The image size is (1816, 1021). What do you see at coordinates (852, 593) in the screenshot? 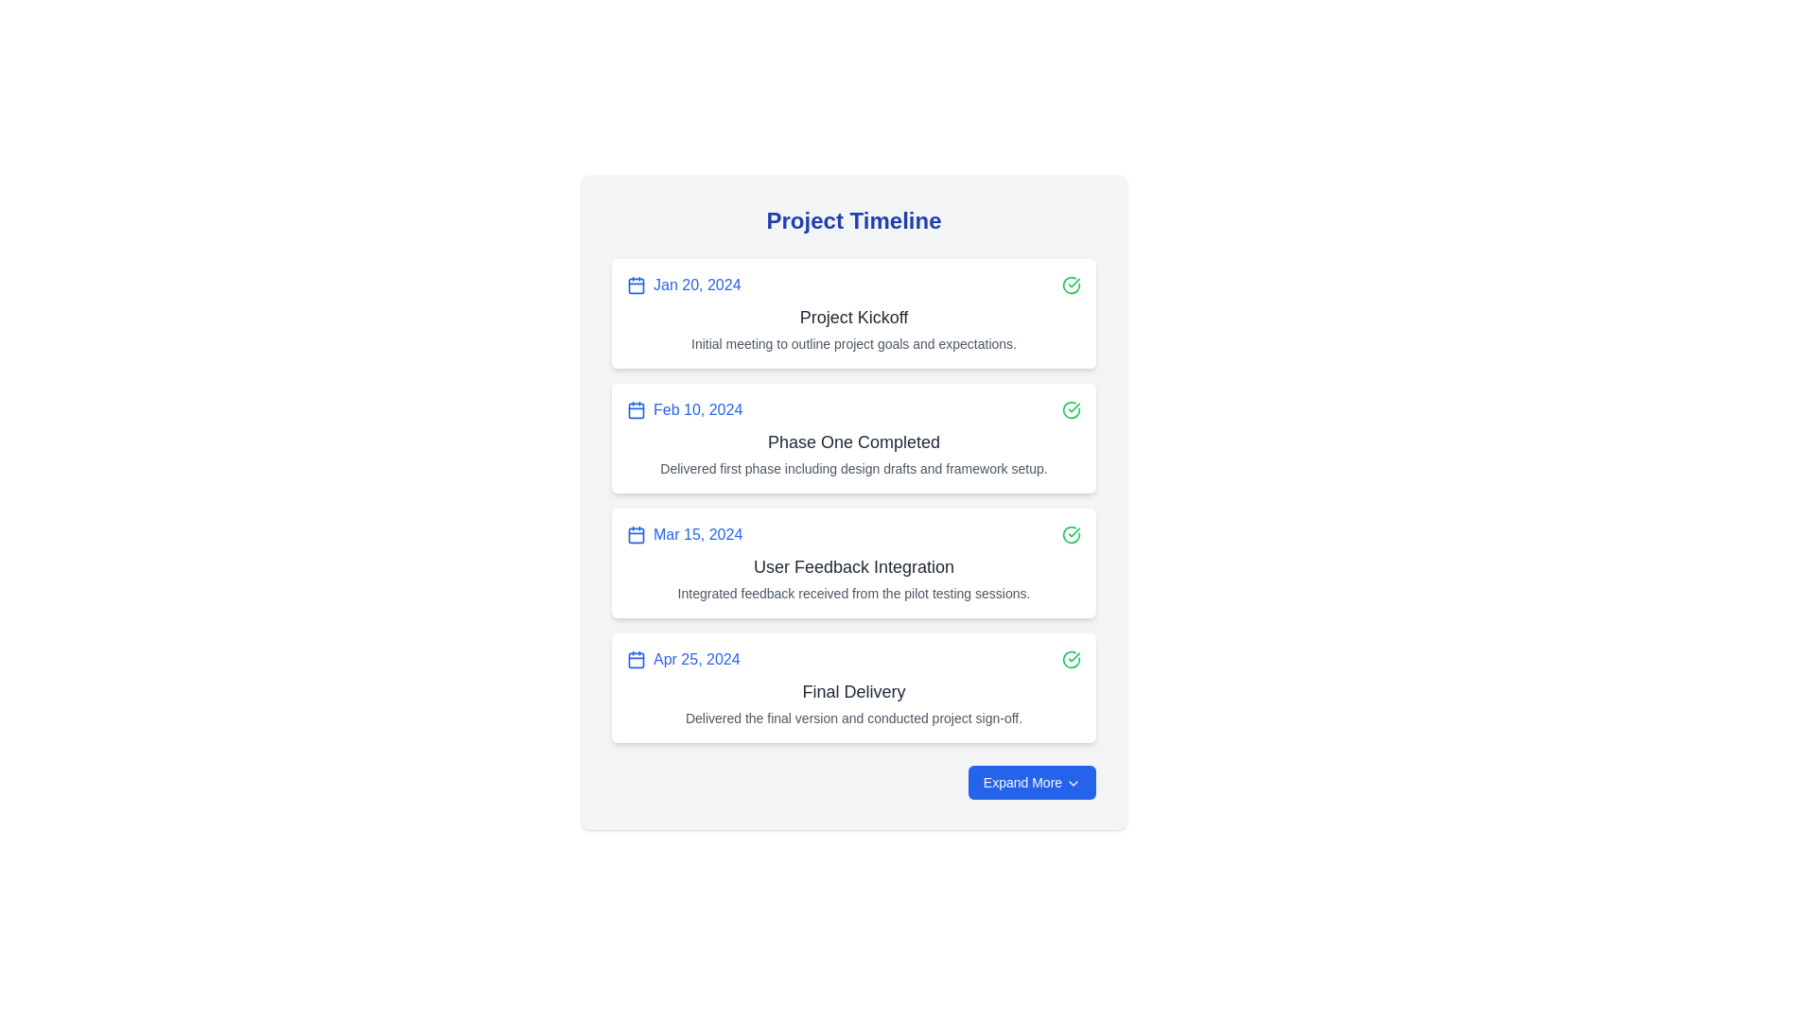
I see `the static text element that displays 'Integrated feedback received from the pilot testing sessions.' located below the main title 'User Feedback Integration'` at bounding box center [852, 593].